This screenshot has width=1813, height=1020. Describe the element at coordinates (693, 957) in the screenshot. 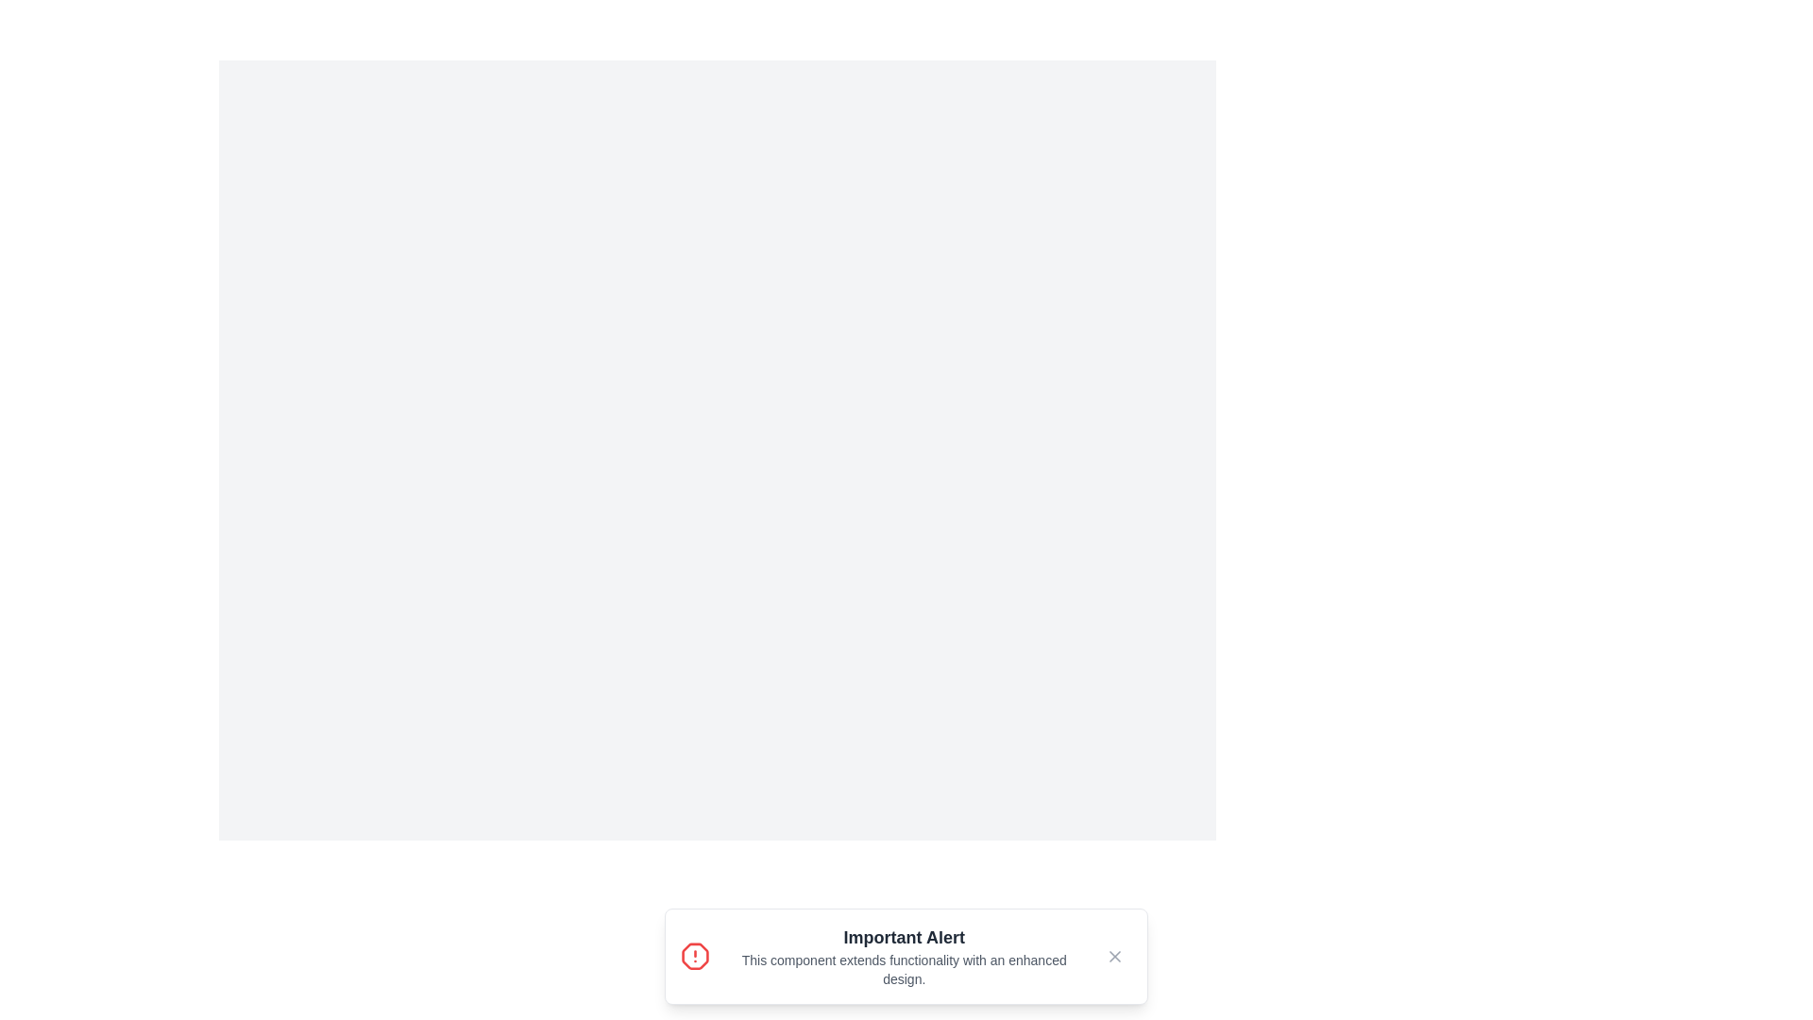

I see `the notification icon to interact with it` at that location.